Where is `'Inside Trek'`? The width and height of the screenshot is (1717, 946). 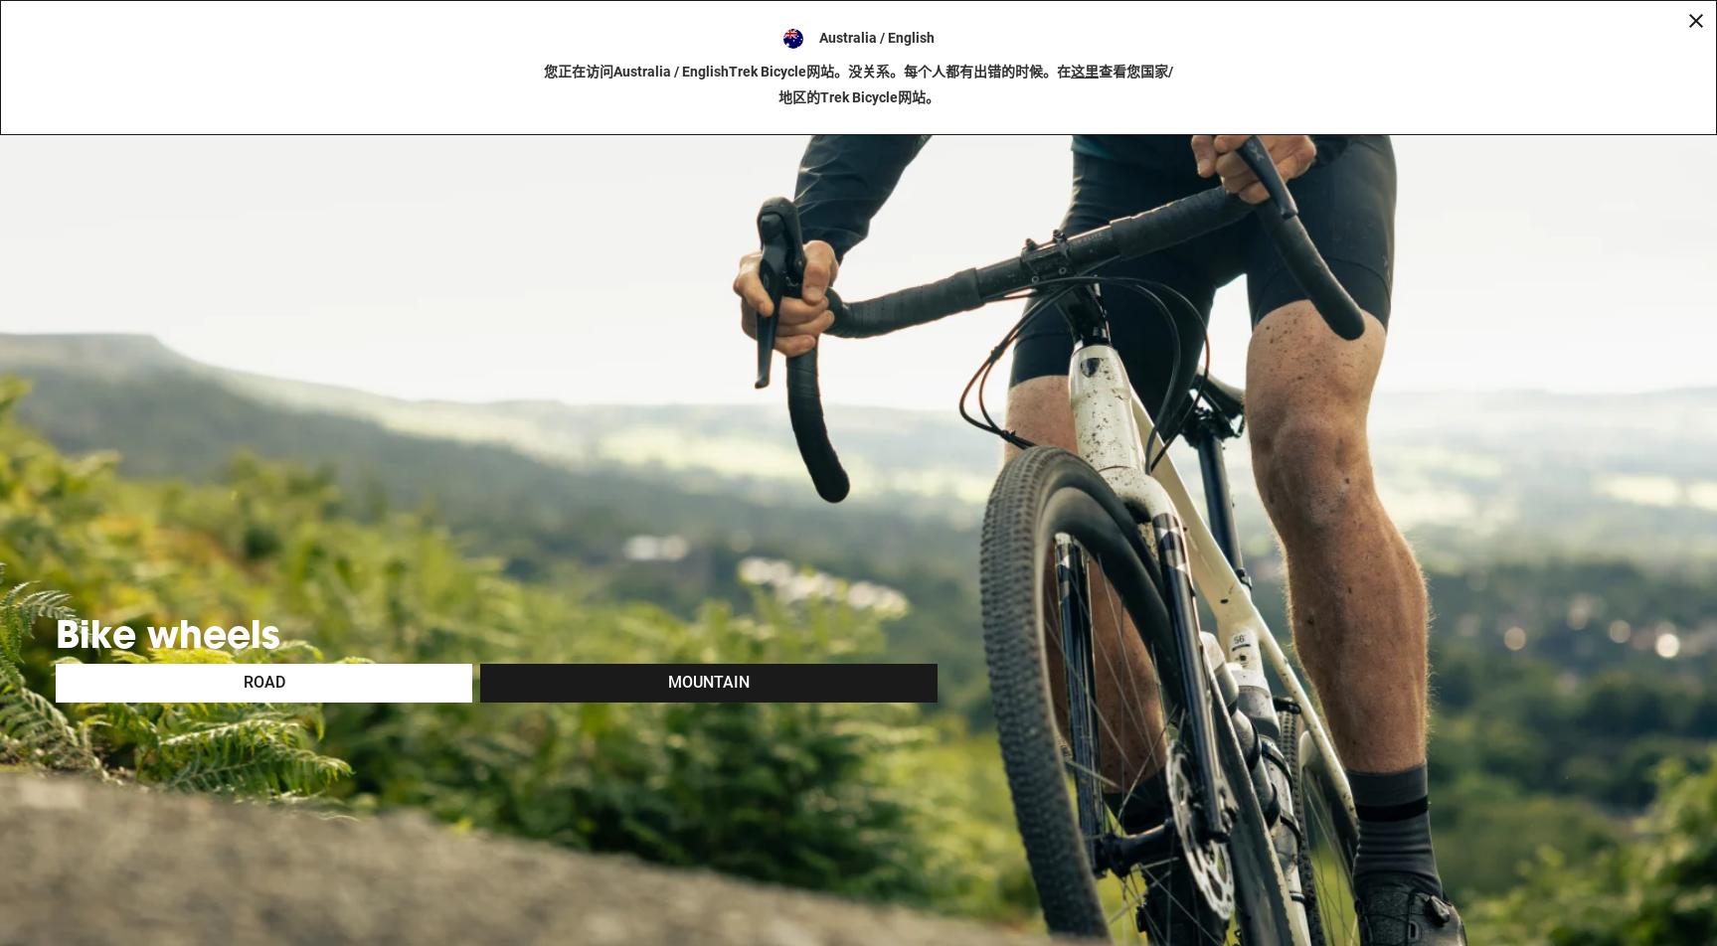
'Inside Trek' is located at coordinates (1065, 60).